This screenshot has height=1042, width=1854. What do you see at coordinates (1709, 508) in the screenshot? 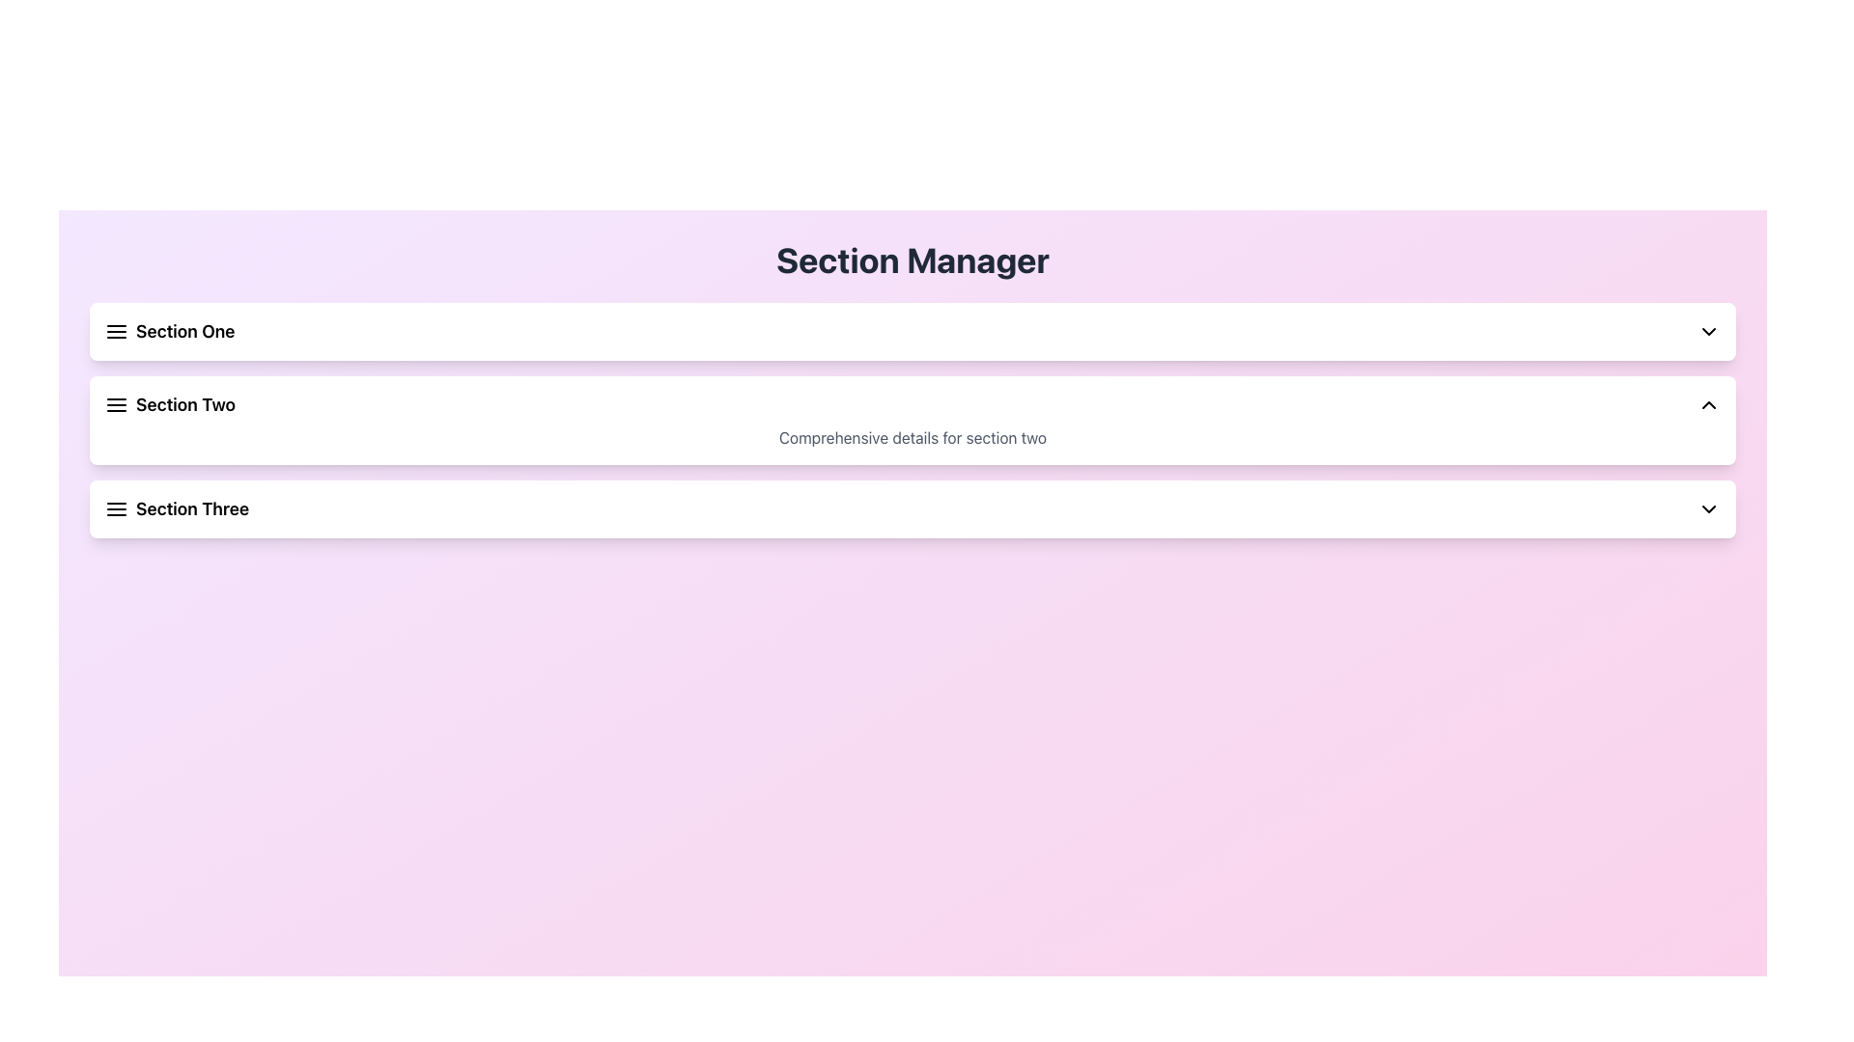
I see `the small downward-pointing chevron icon on the far right of the 'Section Three' accordion header` at bounding box center [1709, 508].